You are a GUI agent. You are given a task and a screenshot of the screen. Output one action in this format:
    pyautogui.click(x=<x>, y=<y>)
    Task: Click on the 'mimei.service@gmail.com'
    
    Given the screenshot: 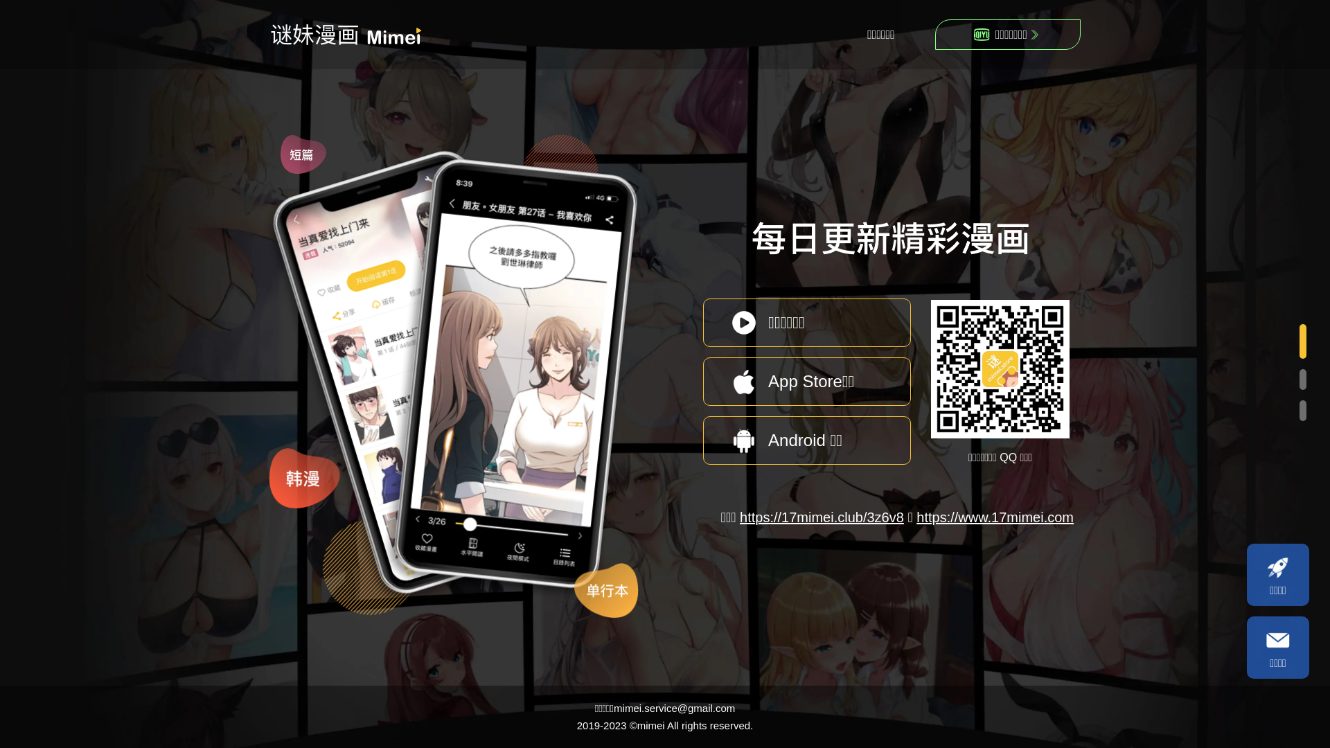 What is the action you would take?
    pyautogui.click(x=674, y=708)
    